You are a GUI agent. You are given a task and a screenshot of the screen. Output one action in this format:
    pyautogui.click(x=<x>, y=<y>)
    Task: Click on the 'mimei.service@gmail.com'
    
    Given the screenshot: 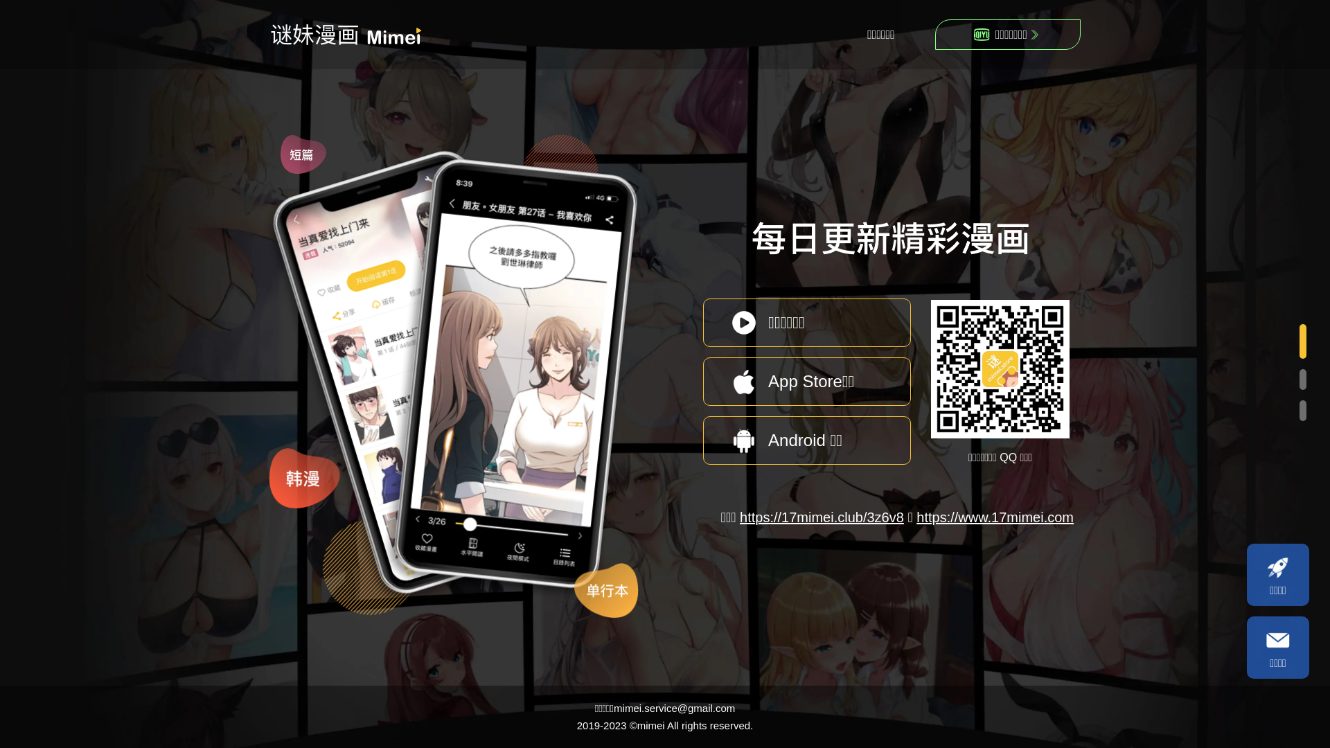 What is the action you would take?
    pyautogui.click(x=674, y=708)
    